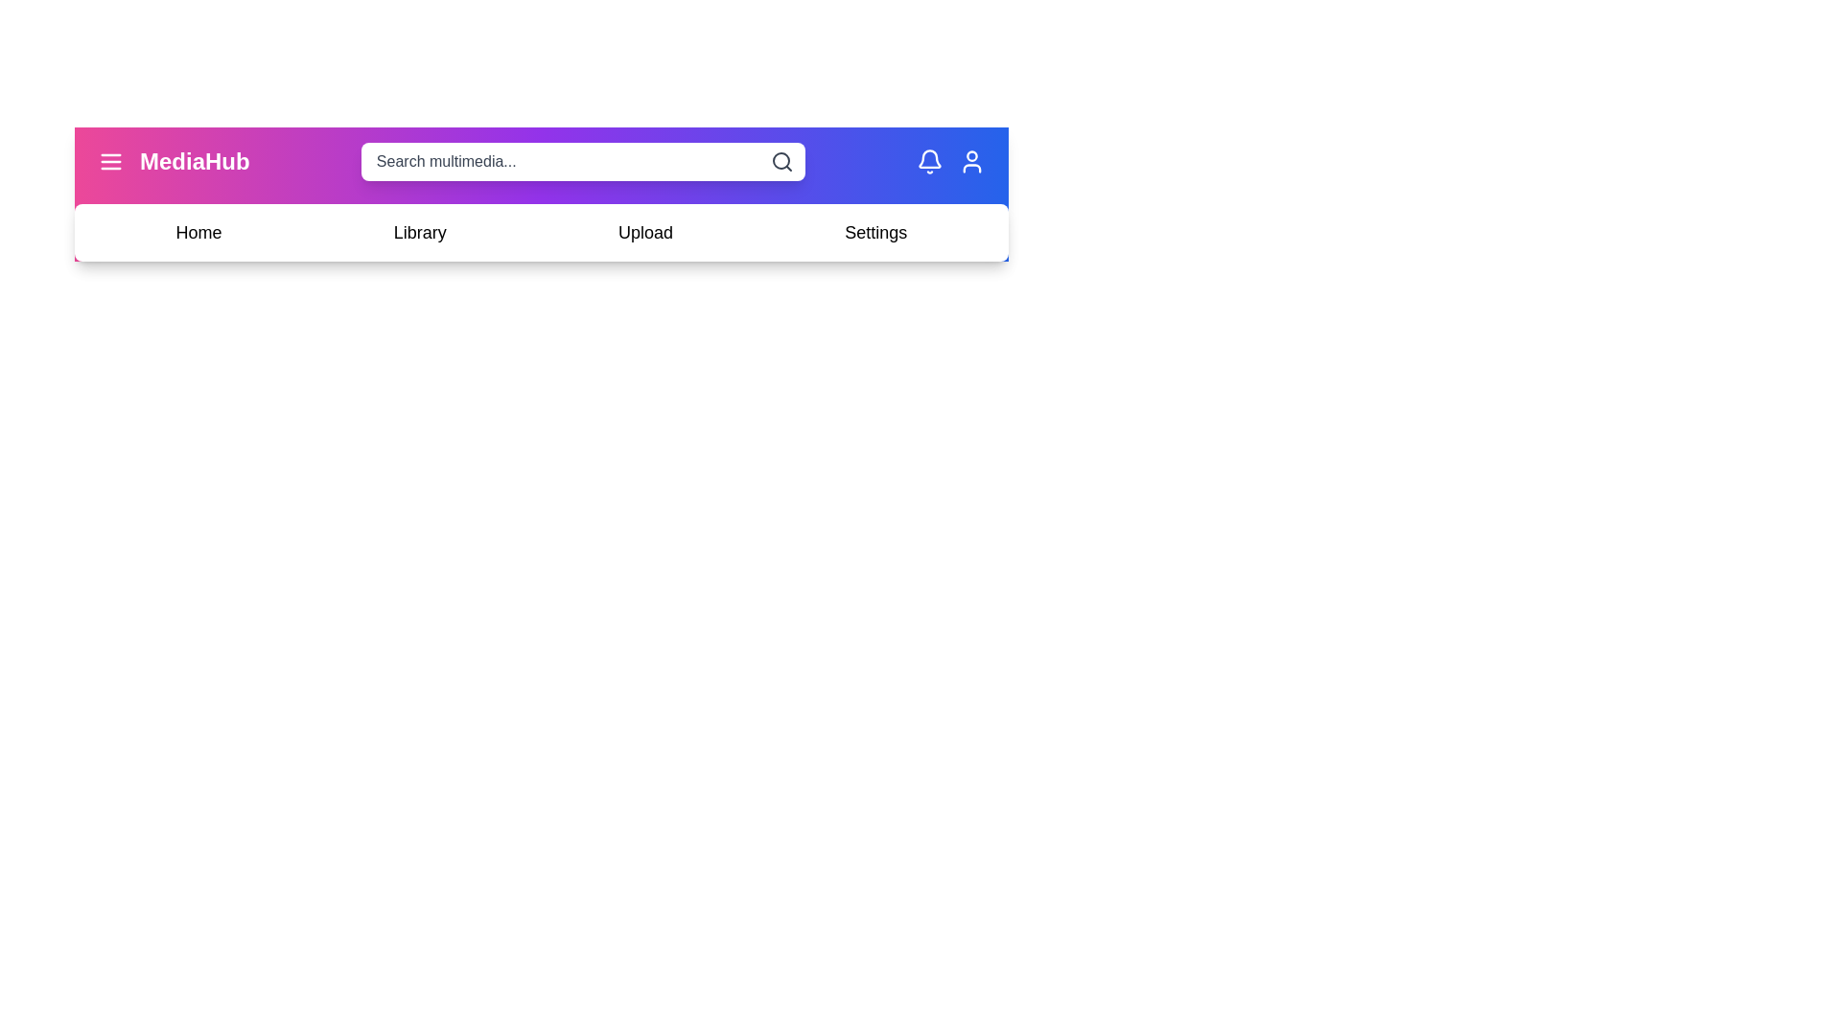 The image size is (1841, 1035). Describe the element at coordinates (418, 232) in the screenshot. I see `the navigation item Library to navigate to the respective section` at that location.